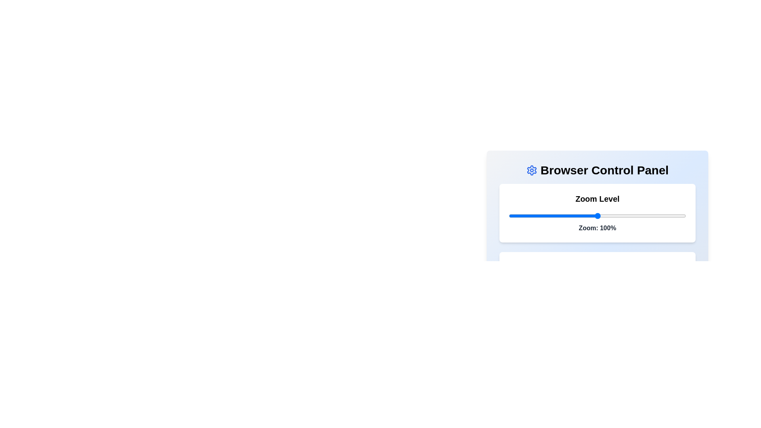 This screenshot has height=428, width=761. I want to click on the zoom level to 87% using the slider, so click(574, 216).